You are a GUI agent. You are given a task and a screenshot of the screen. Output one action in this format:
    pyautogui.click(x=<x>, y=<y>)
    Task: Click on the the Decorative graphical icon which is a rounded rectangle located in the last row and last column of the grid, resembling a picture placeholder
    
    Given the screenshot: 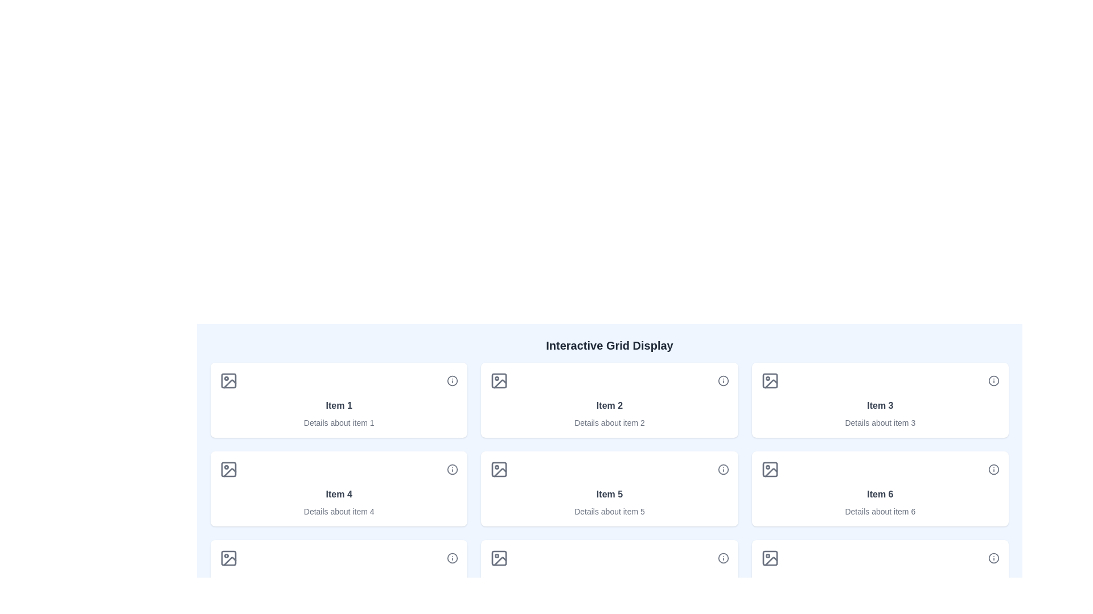 What is the action you would take?
    pyautogui.click(x=770, y=558)
    